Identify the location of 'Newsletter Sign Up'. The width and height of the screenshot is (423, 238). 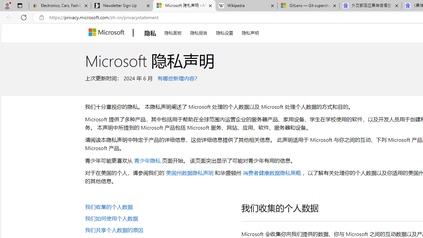
(122, 6).